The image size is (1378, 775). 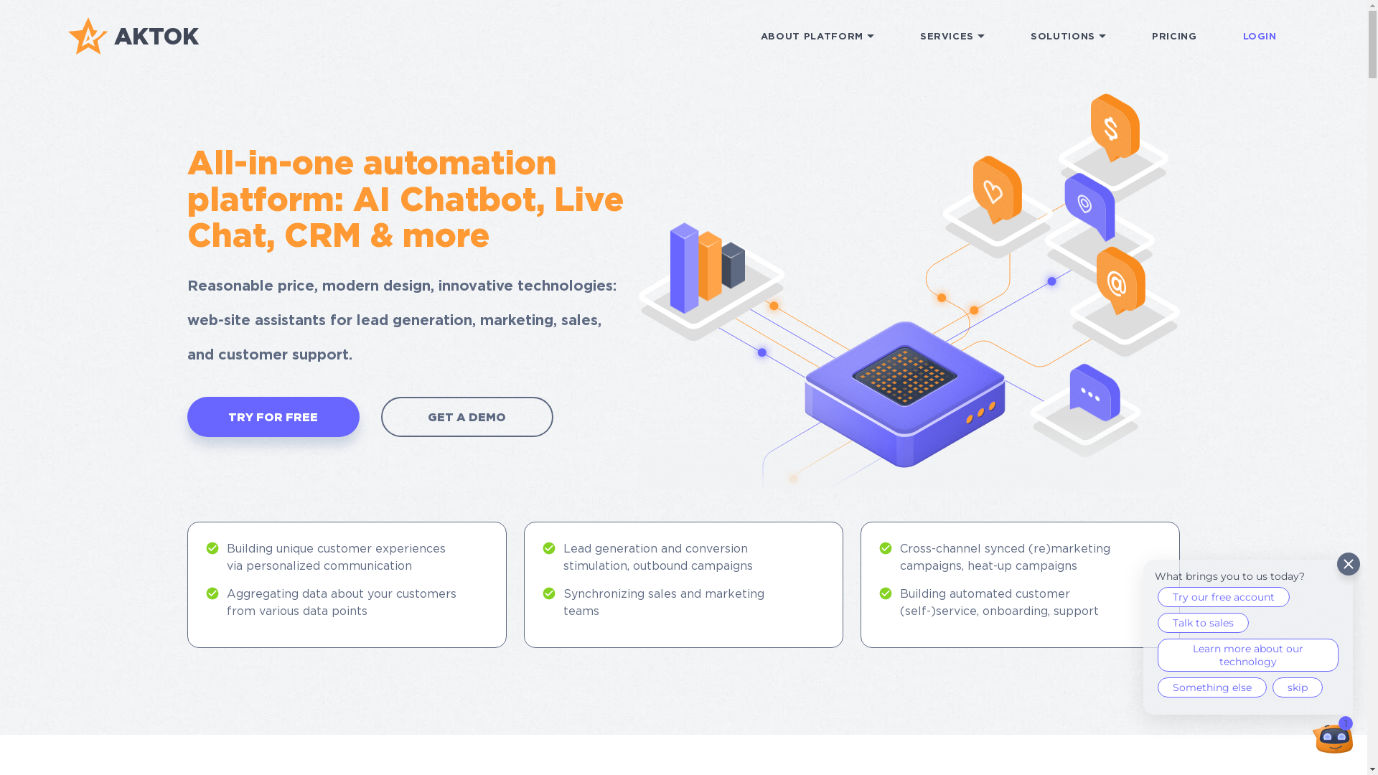 I want to click on 'skip', so click(x=1272, y=686).